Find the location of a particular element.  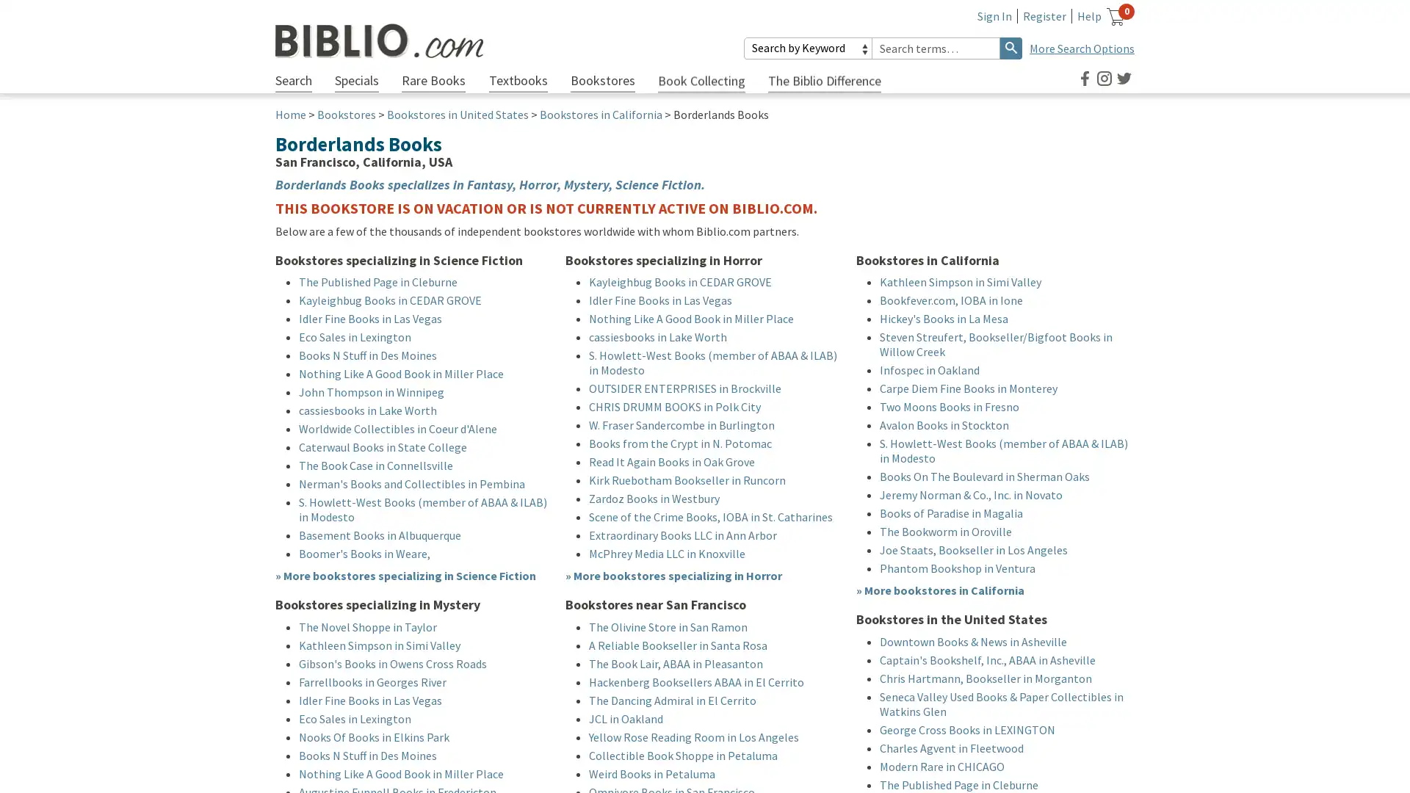

Search is located at coordinates (1010, 47).